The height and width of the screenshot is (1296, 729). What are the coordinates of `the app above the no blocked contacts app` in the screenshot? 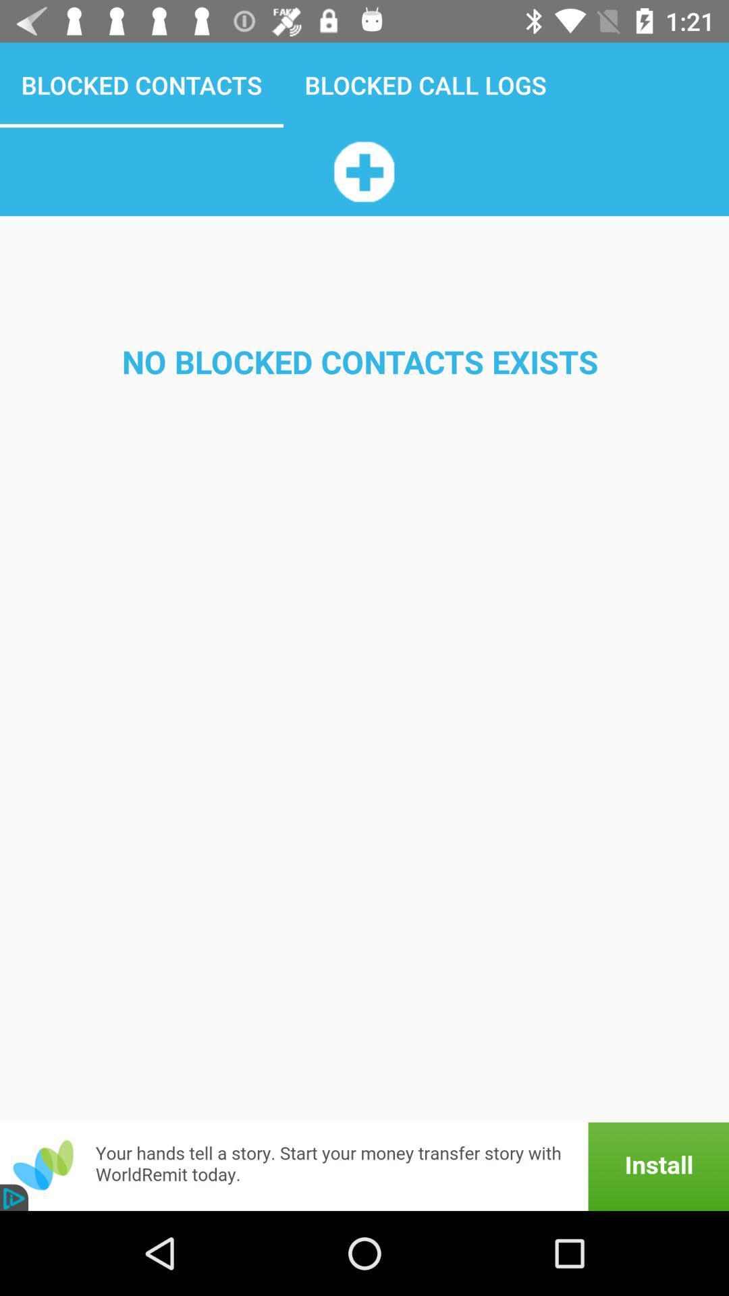 It's located at (363, 171).